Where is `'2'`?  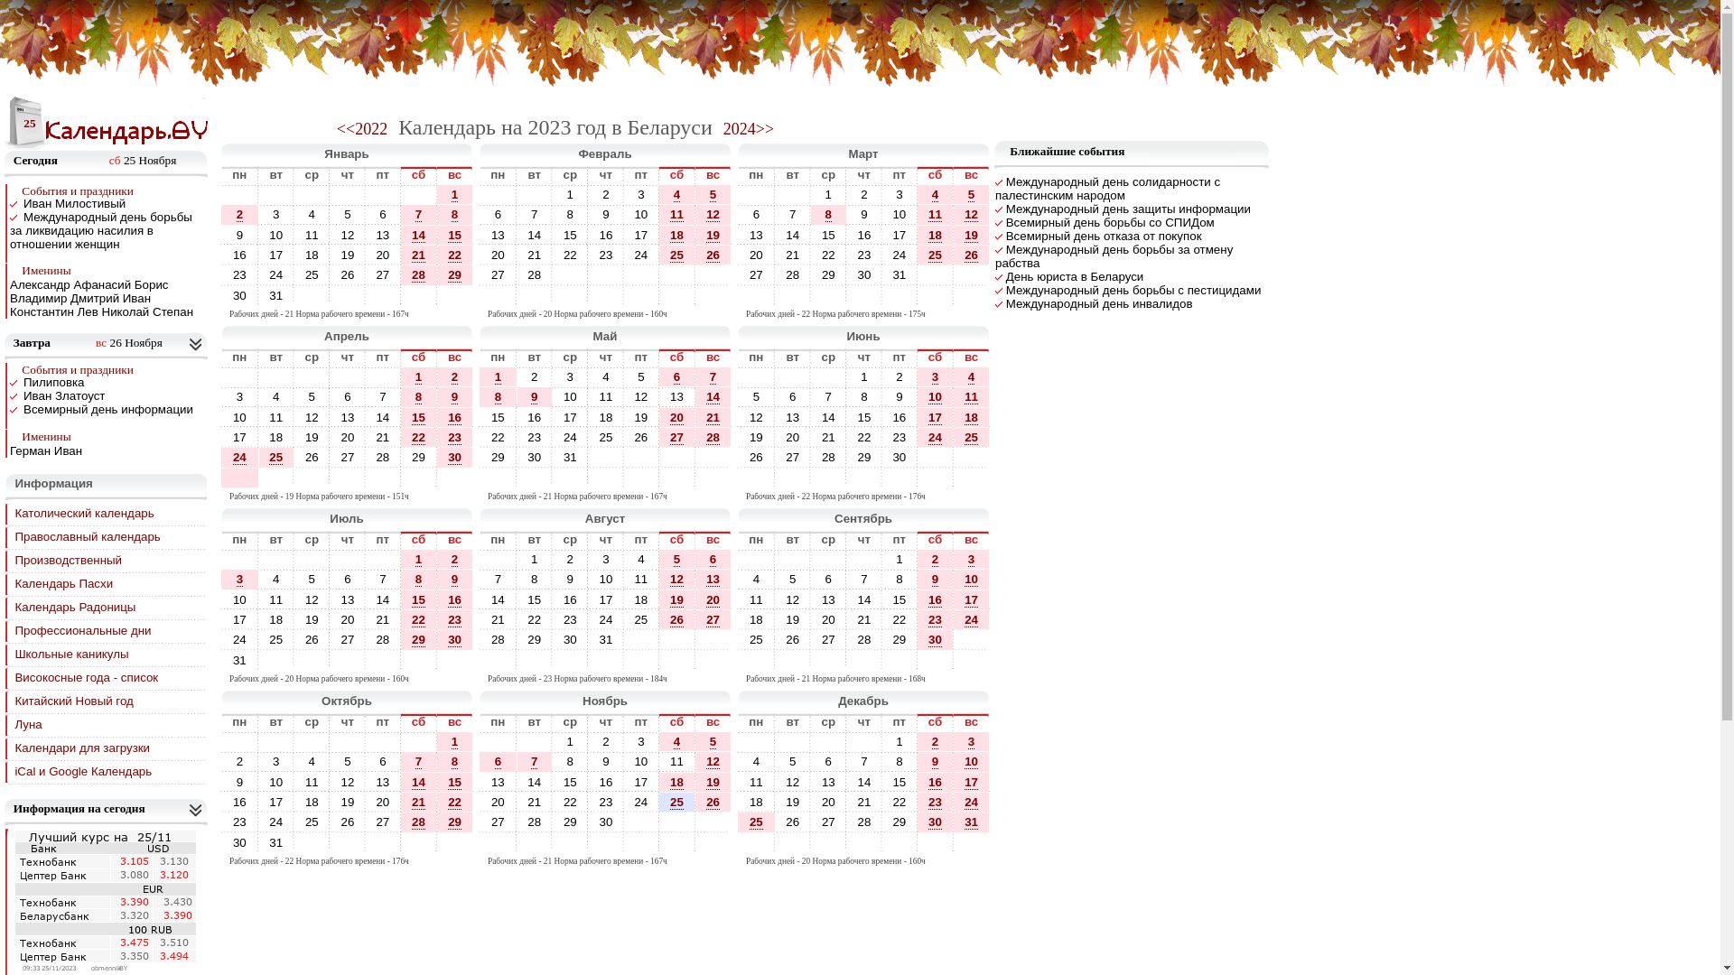
'2' is located at coordinates (451, 376).